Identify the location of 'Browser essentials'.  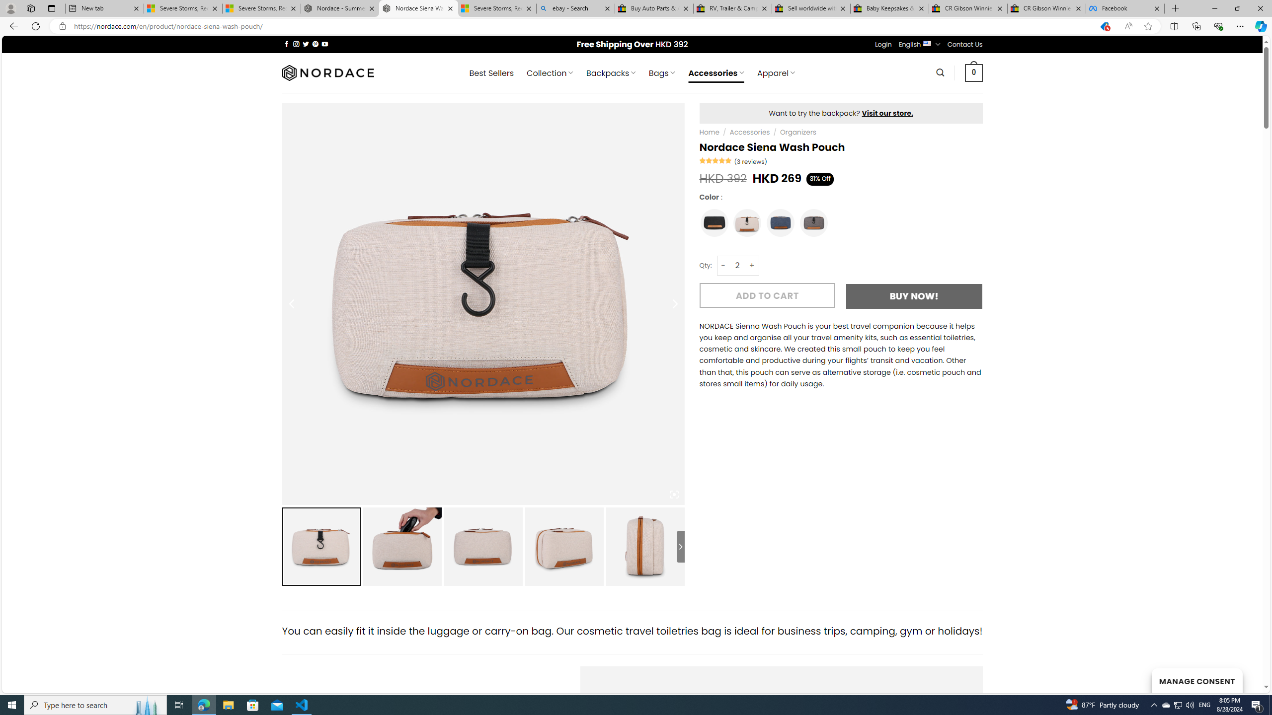
(1218, 25).